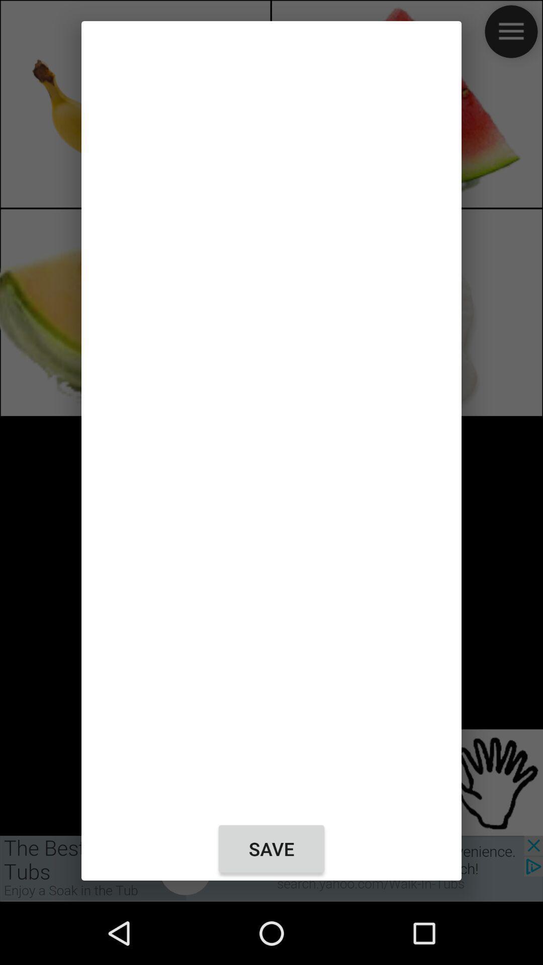  What do you see at coordinates (271, 848) in the screenshot?
I see `the save at the bottom` at bounding box center [271, 848].